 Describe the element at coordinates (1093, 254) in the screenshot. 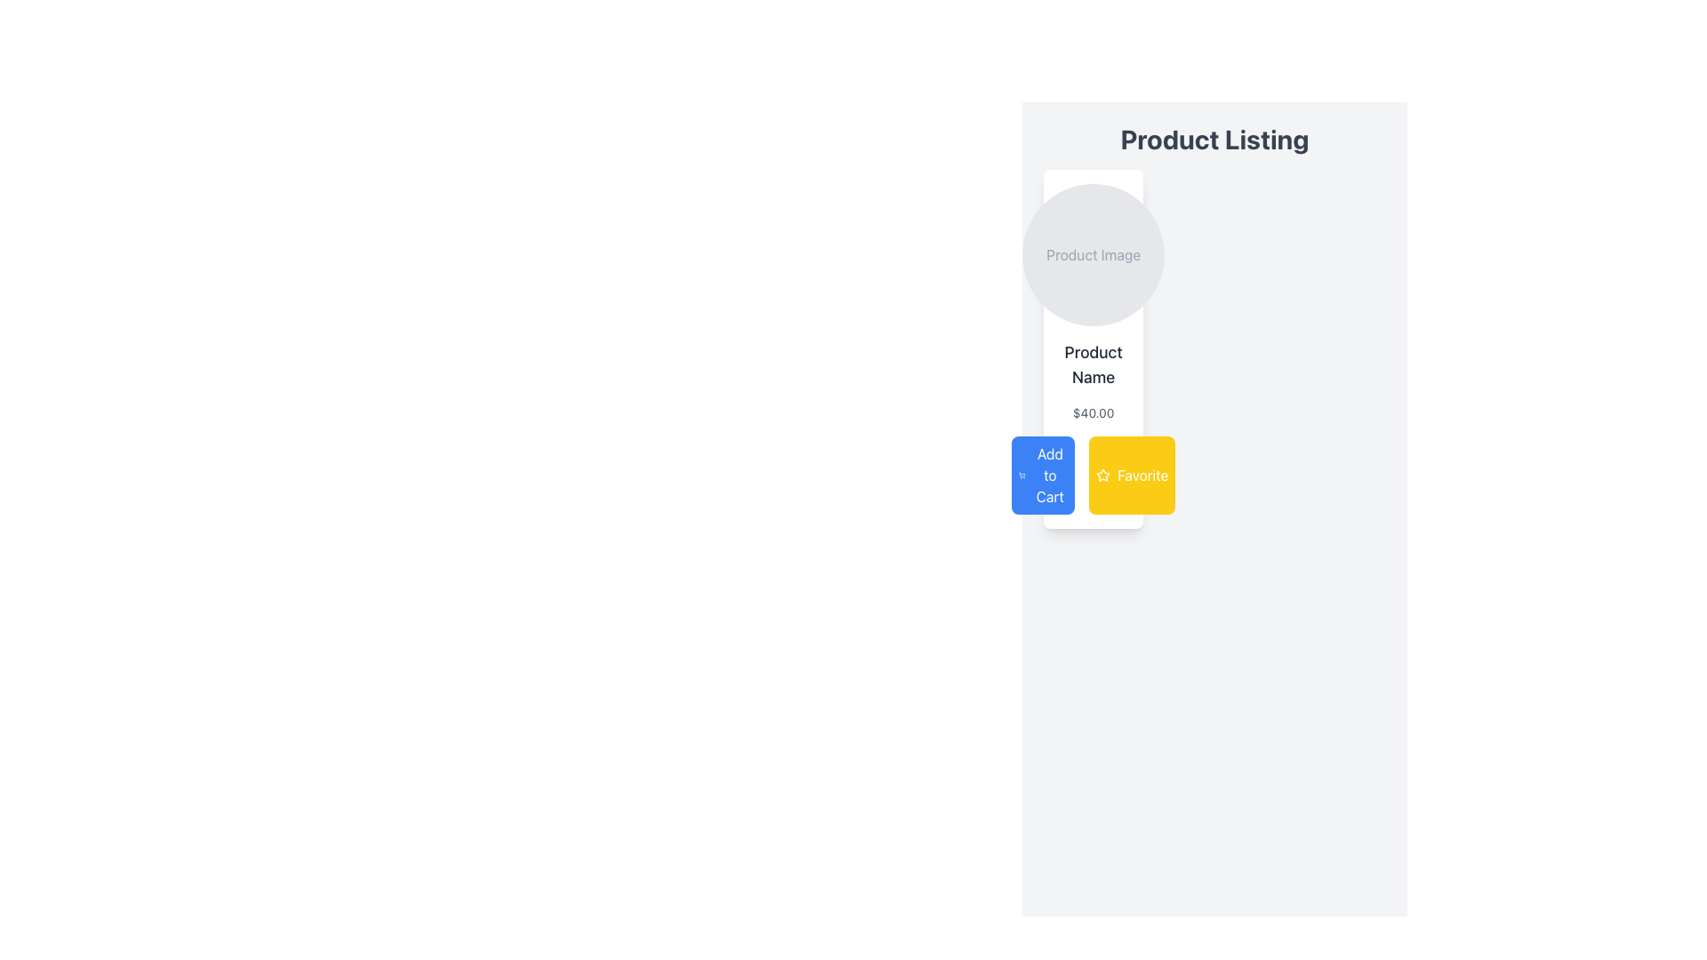

I see `the text label located in the center of the circular area at the top of the product card section, which indicates the purpose of the associated visual space` at that location.